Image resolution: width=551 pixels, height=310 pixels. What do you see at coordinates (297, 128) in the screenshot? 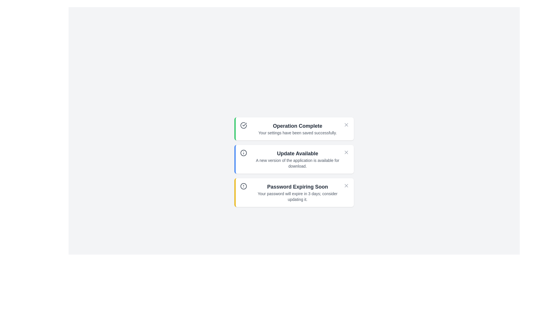
I see `text of the Informational Message titled 'Operation Complete' which indicates that 'Your settings have been saved successfully.'` at bounding box center [297, 128].